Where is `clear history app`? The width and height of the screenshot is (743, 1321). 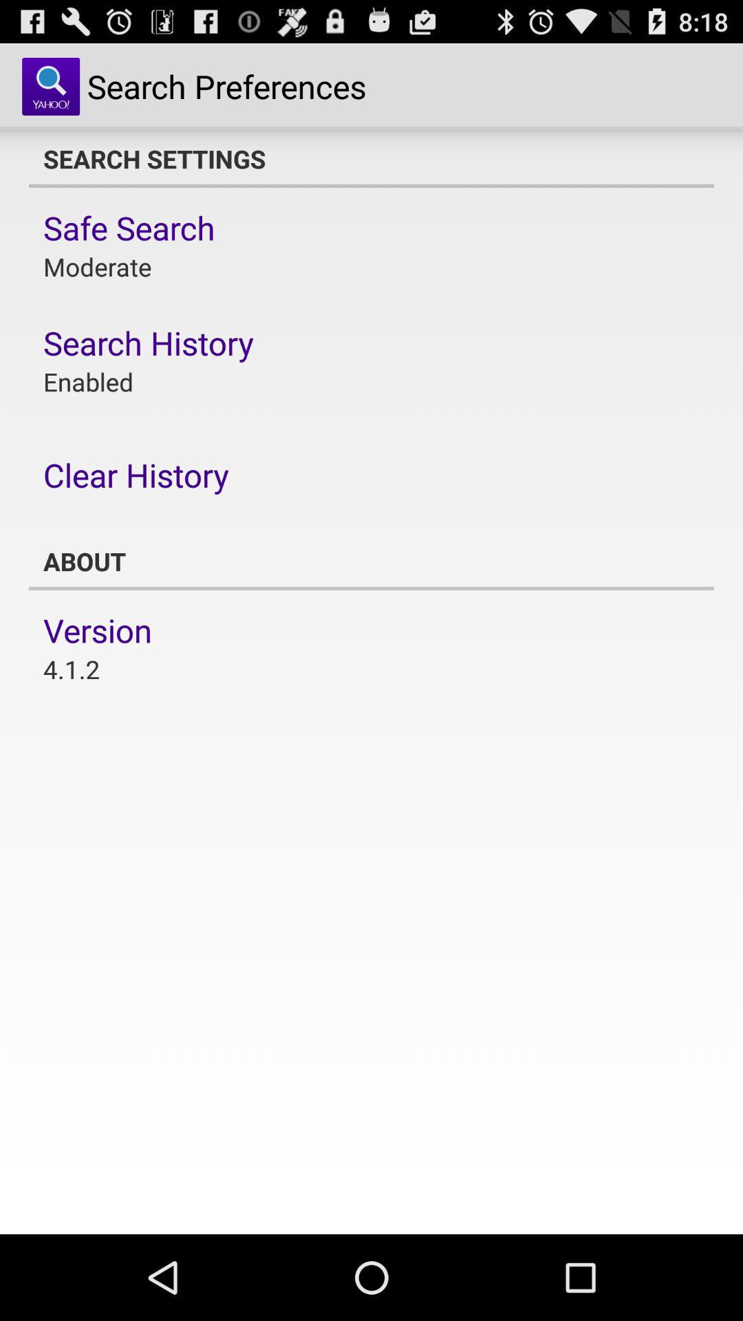 clear history app is located at coordinates (136, 475).